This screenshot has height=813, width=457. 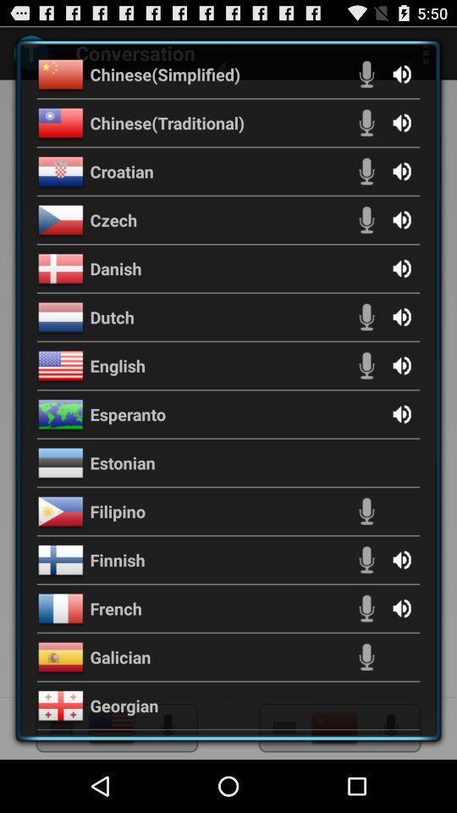 What do you see at coordinates (117, 560) in the screenshot?
I see `the app above french icon` at bounding box center [117, 560].